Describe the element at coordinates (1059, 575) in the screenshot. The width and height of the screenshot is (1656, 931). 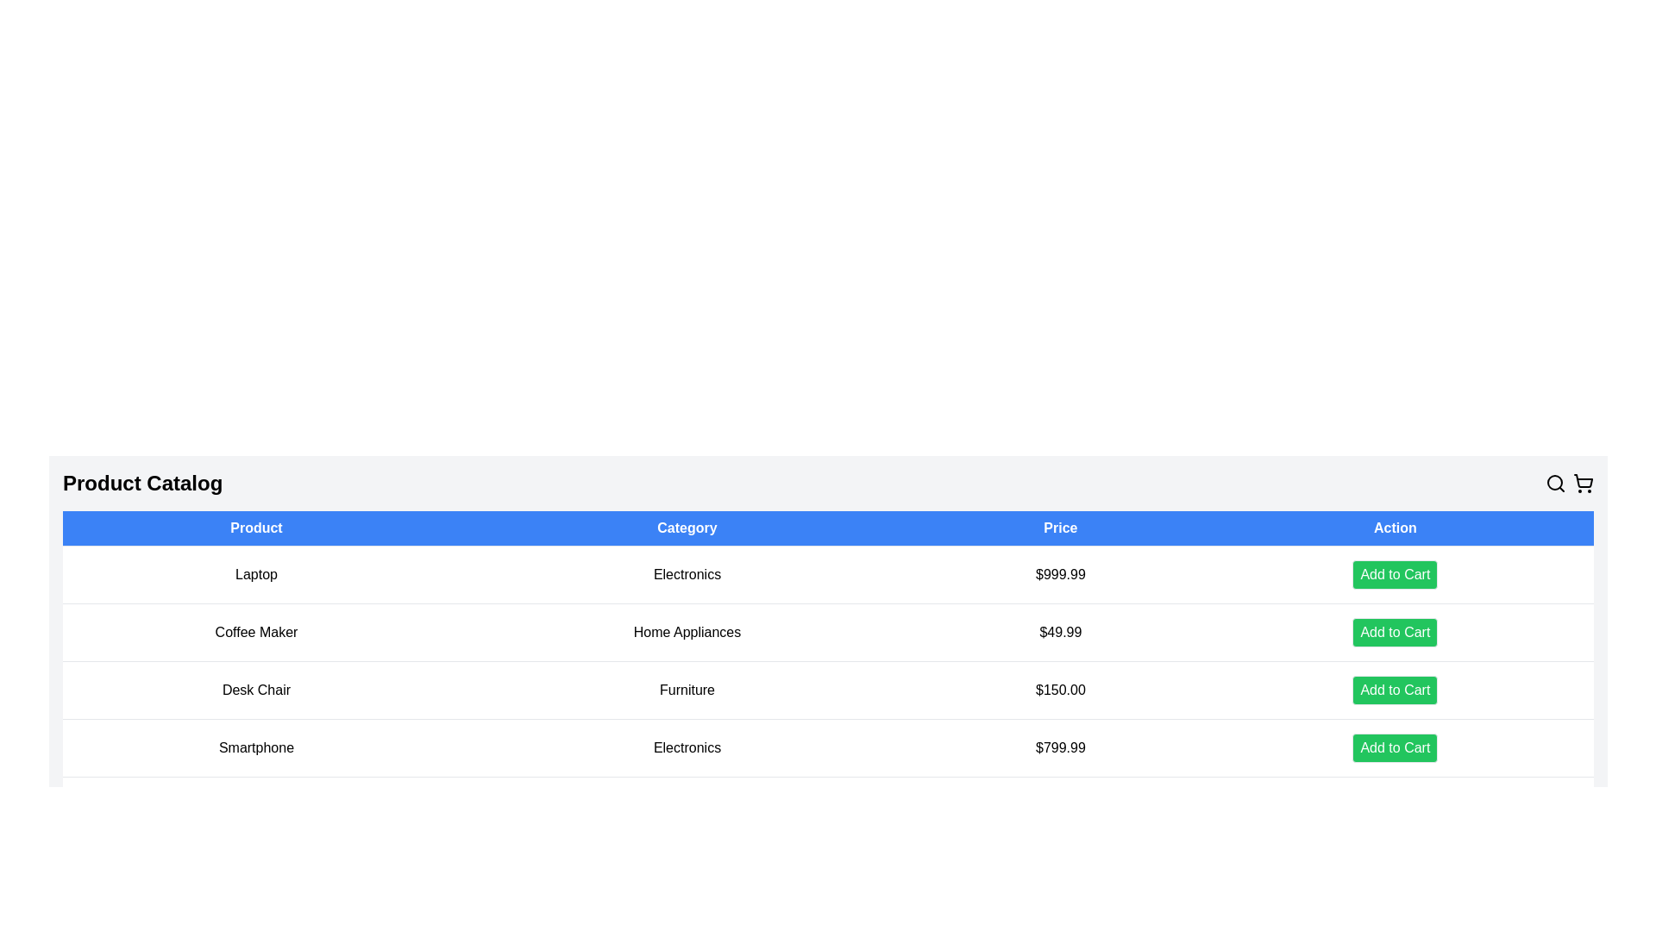
I see `the text label displaying the price '$999.99', which is located in the third column of the product table under the 'Price' header, centrally aligned in the first row` at that location.